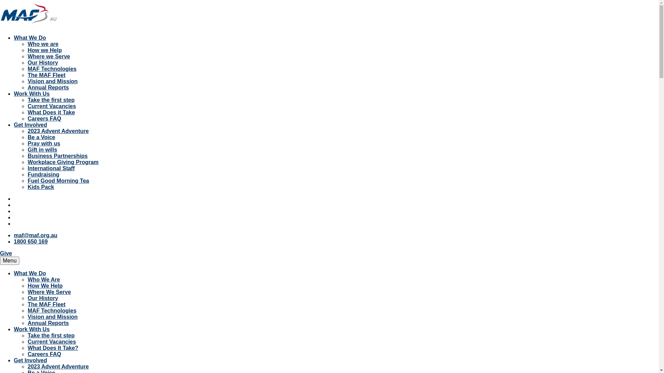 This screenshot has height=373, width=664. Describe the element at coordinates (48, 87) in the screenshot. I see `'Annual Reports'` at that location.